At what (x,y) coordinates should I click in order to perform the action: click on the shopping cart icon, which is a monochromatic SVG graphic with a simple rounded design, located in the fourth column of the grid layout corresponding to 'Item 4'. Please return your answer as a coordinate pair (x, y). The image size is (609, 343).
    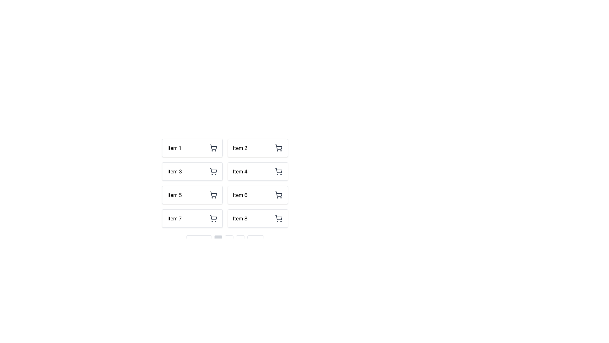
    Looking at the image, I should click on (278, 170).